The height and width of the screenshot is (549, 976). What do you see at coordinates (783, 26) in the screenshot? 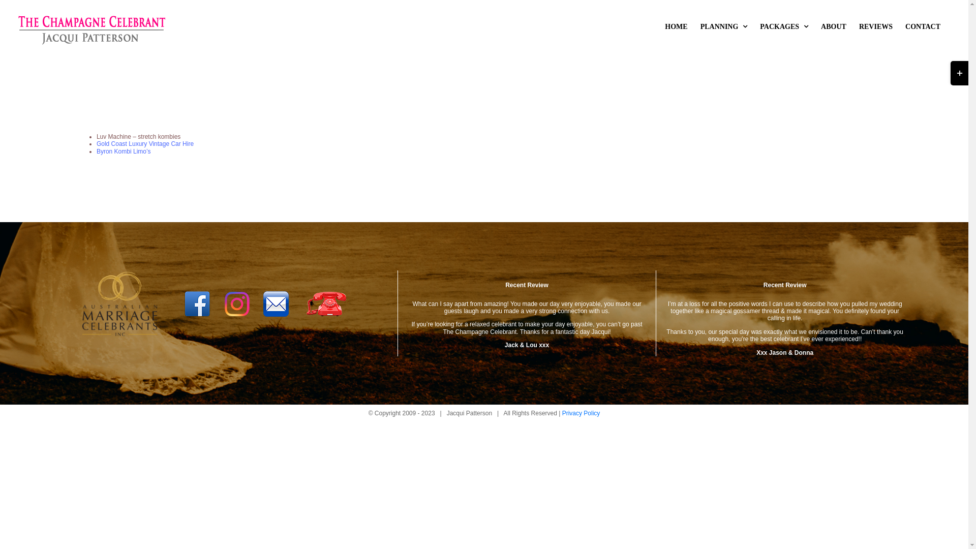
I see `'PACKAGES'` at bounding box center [783, 26].